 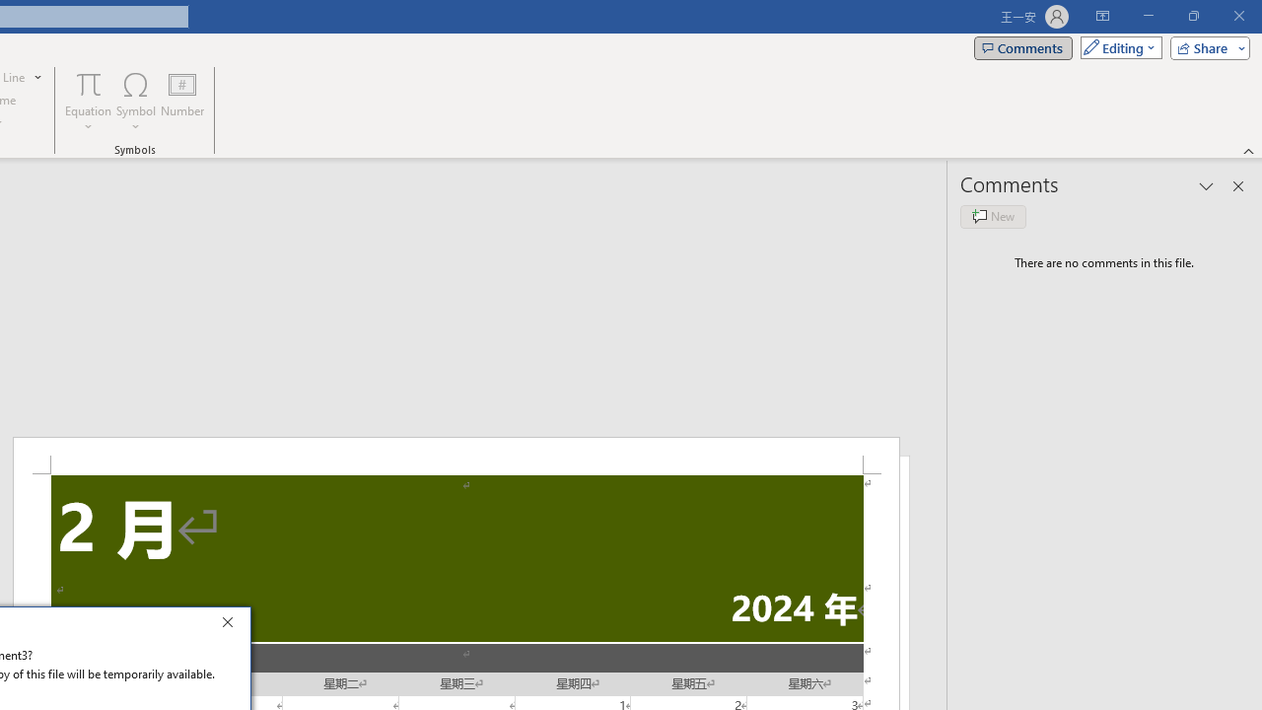 I want to click on 'New comment', so click(x=993, y=216).